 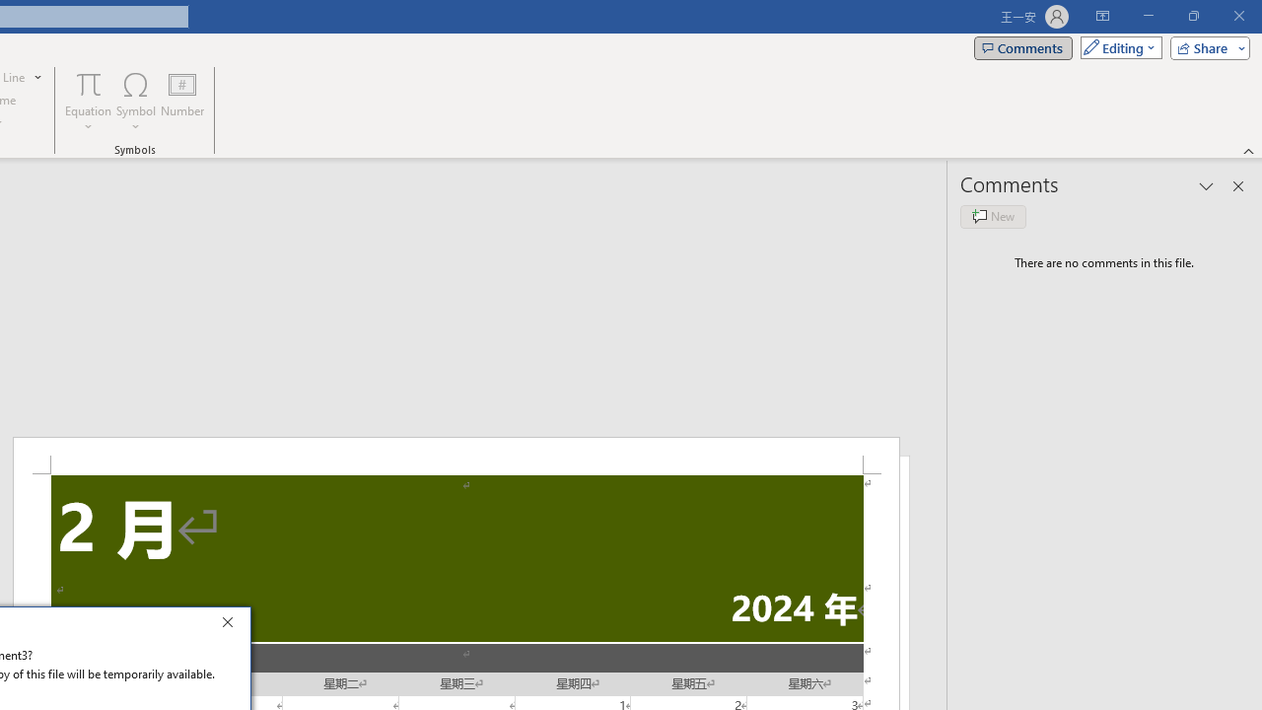 I want to click on 'New comment', so click(x=993, y=216).